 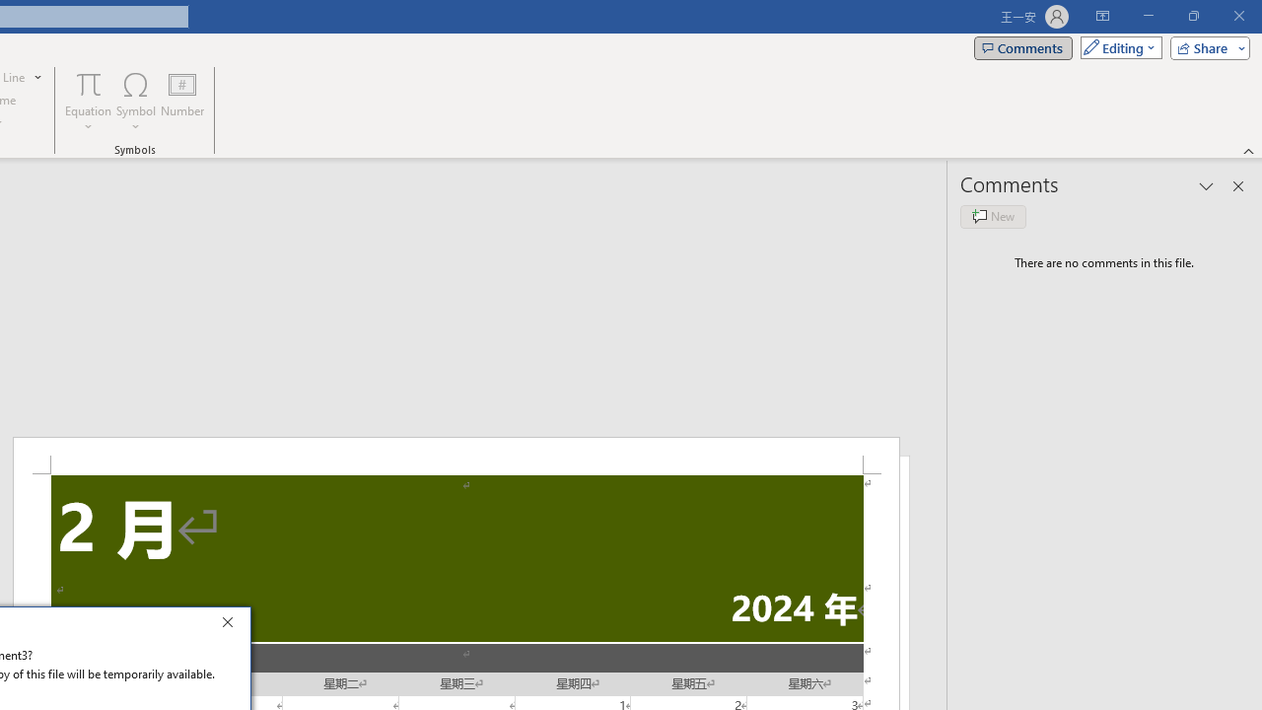 I want to click on 'New comment', so click(x=993, y=216).